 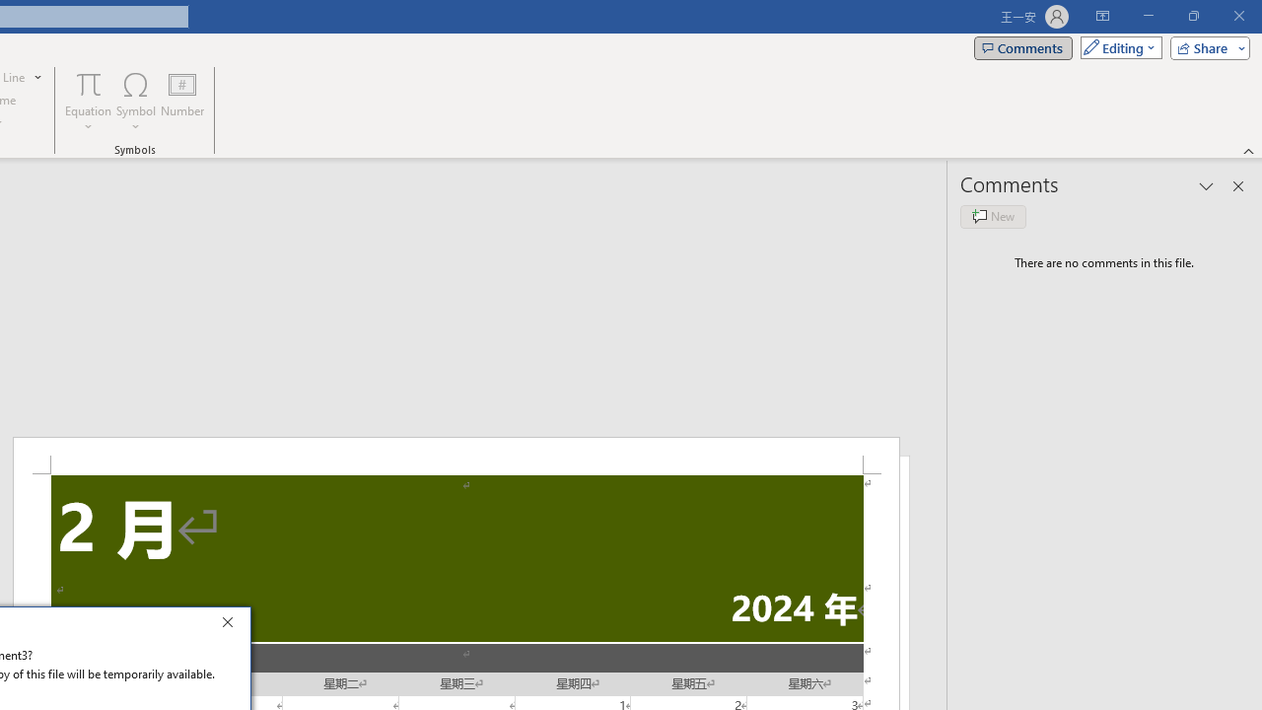 I want to click on 'New comment', so click(x=993, y=216).